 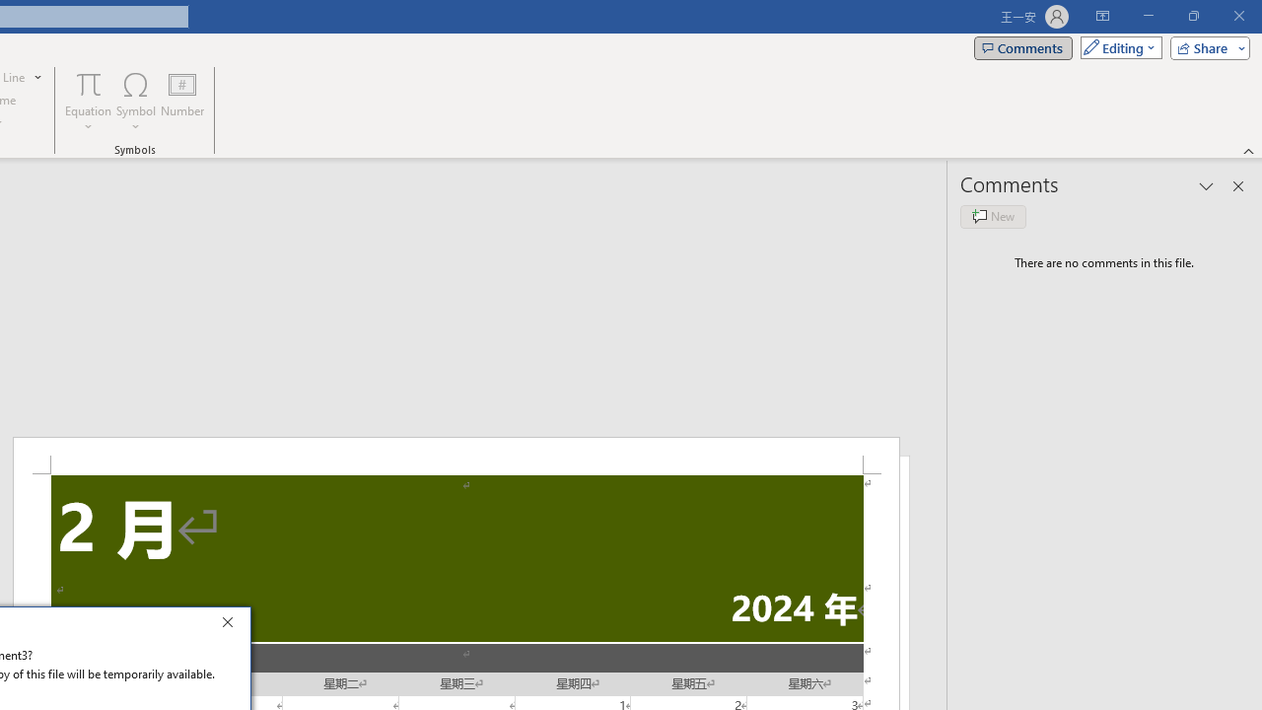 I want to click on 'New comment', so click(x=993, y=216).